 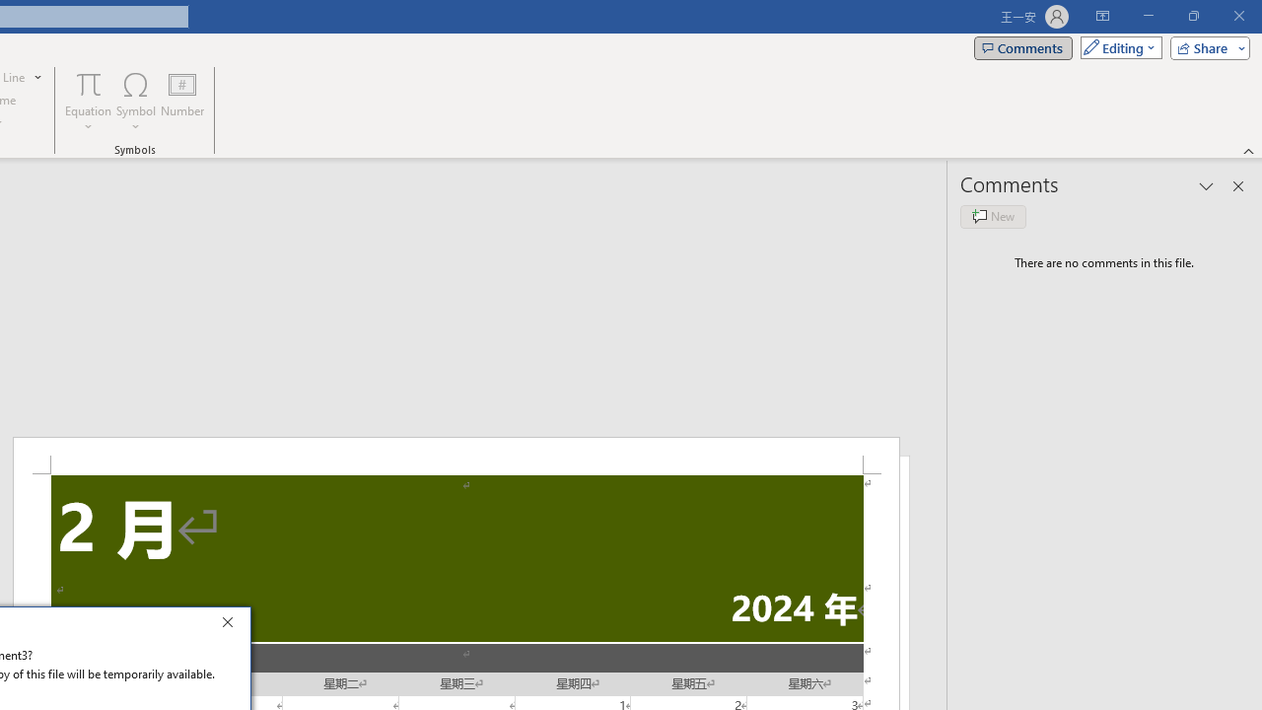 I want to click on 'New comment', so click(x=993, y=216).